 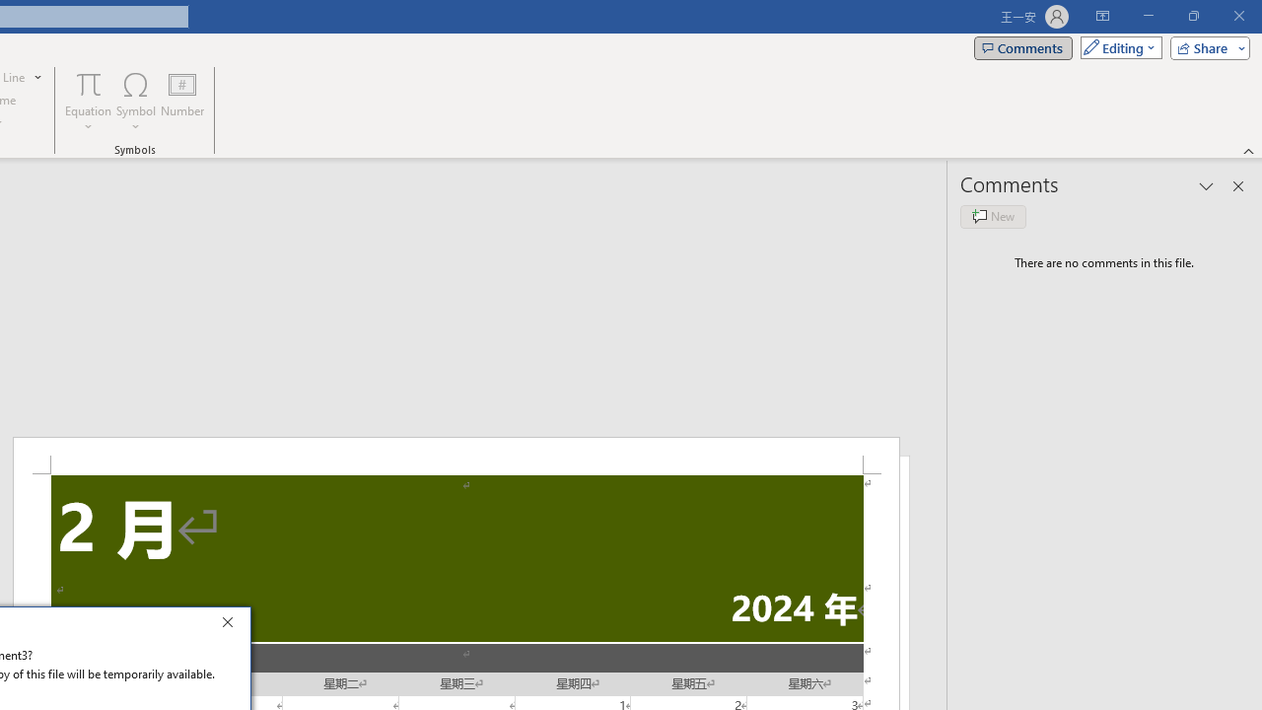 I want to click on 'New comment', so click(x=993, y=216).